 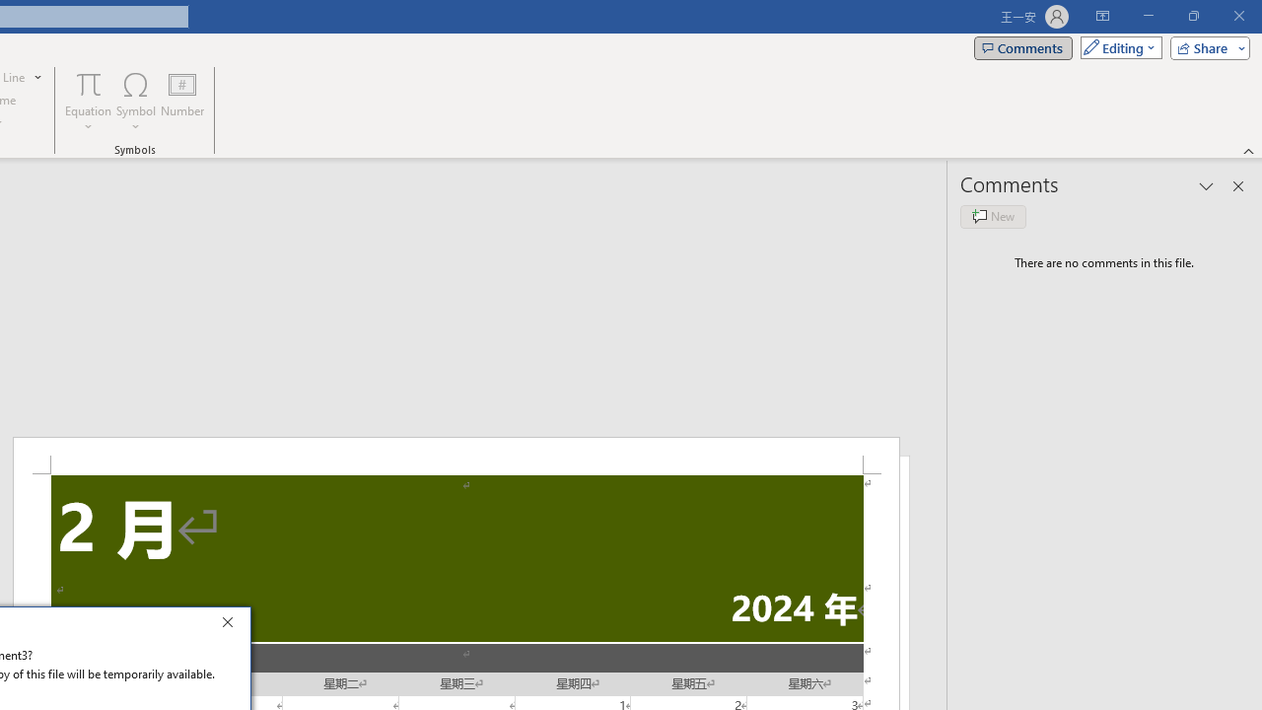 I want to click on 'New comment', so click(x=993, y=216).